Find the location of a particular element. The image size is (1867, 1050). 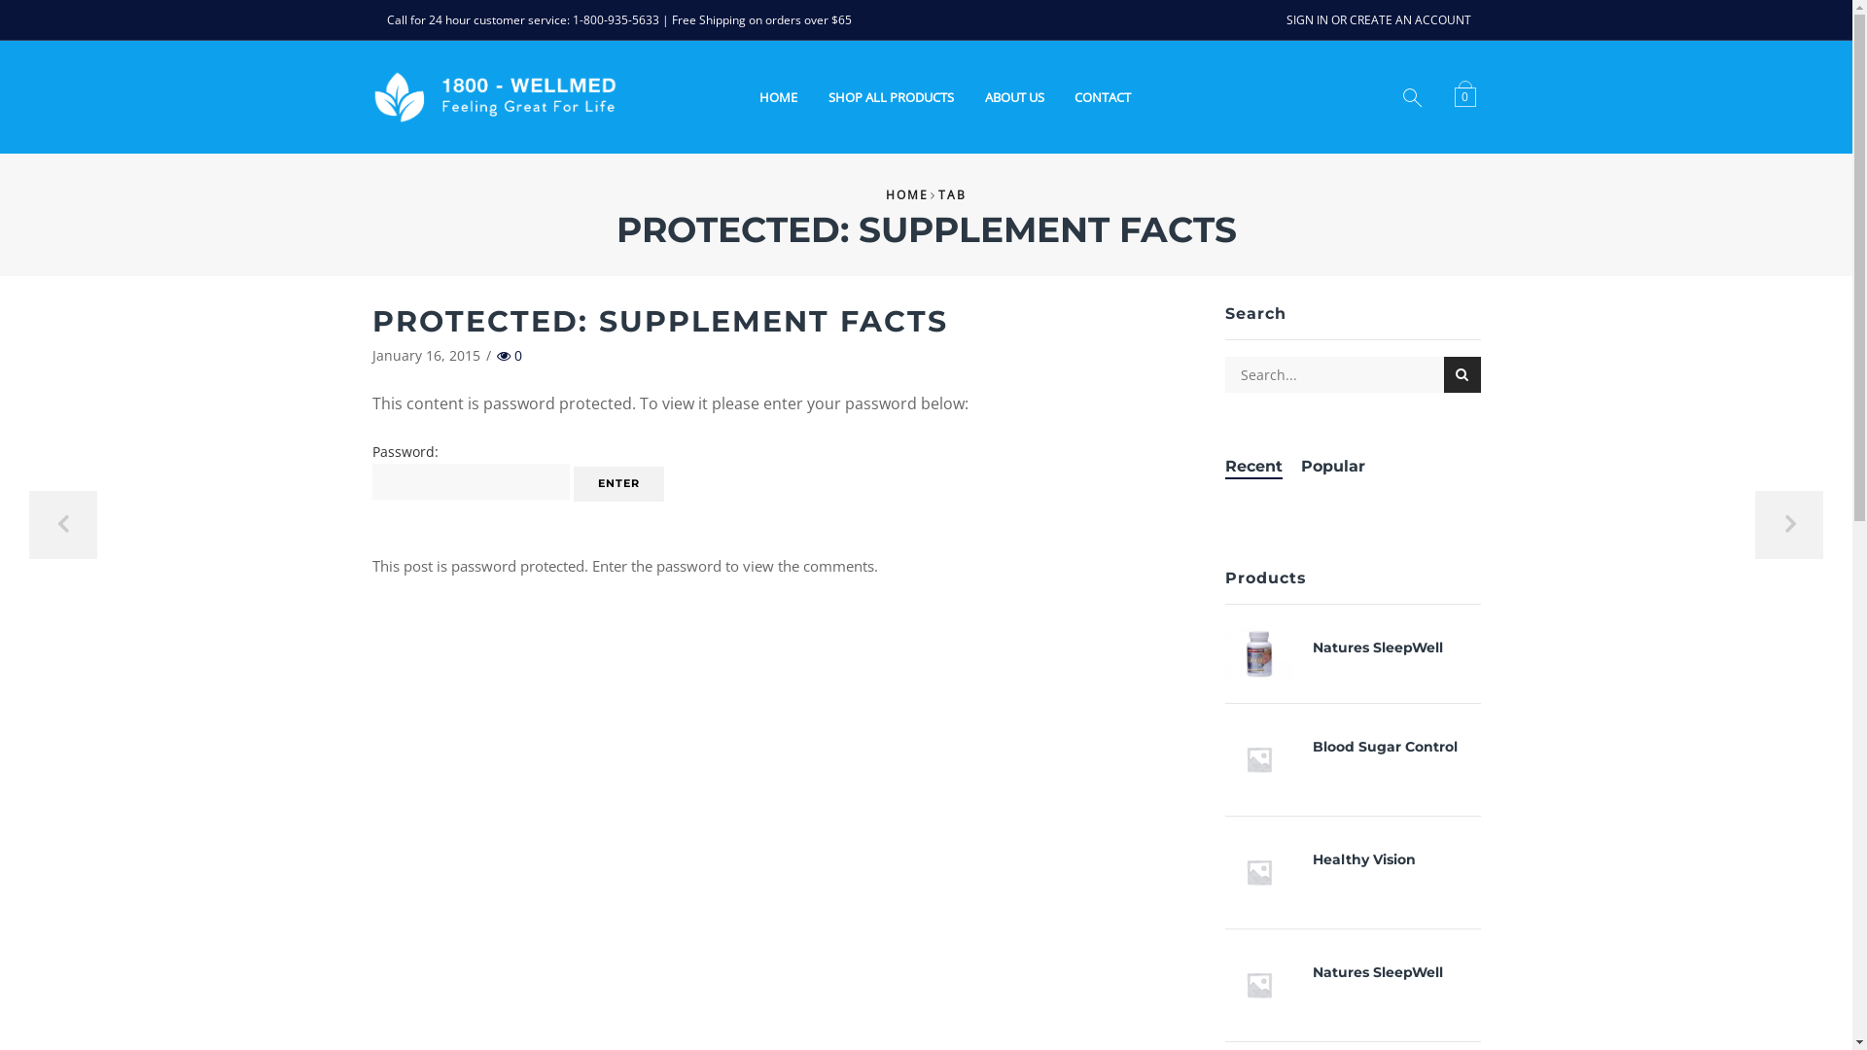

'Natures SleepWell' is located at coordinates (1269, 652).